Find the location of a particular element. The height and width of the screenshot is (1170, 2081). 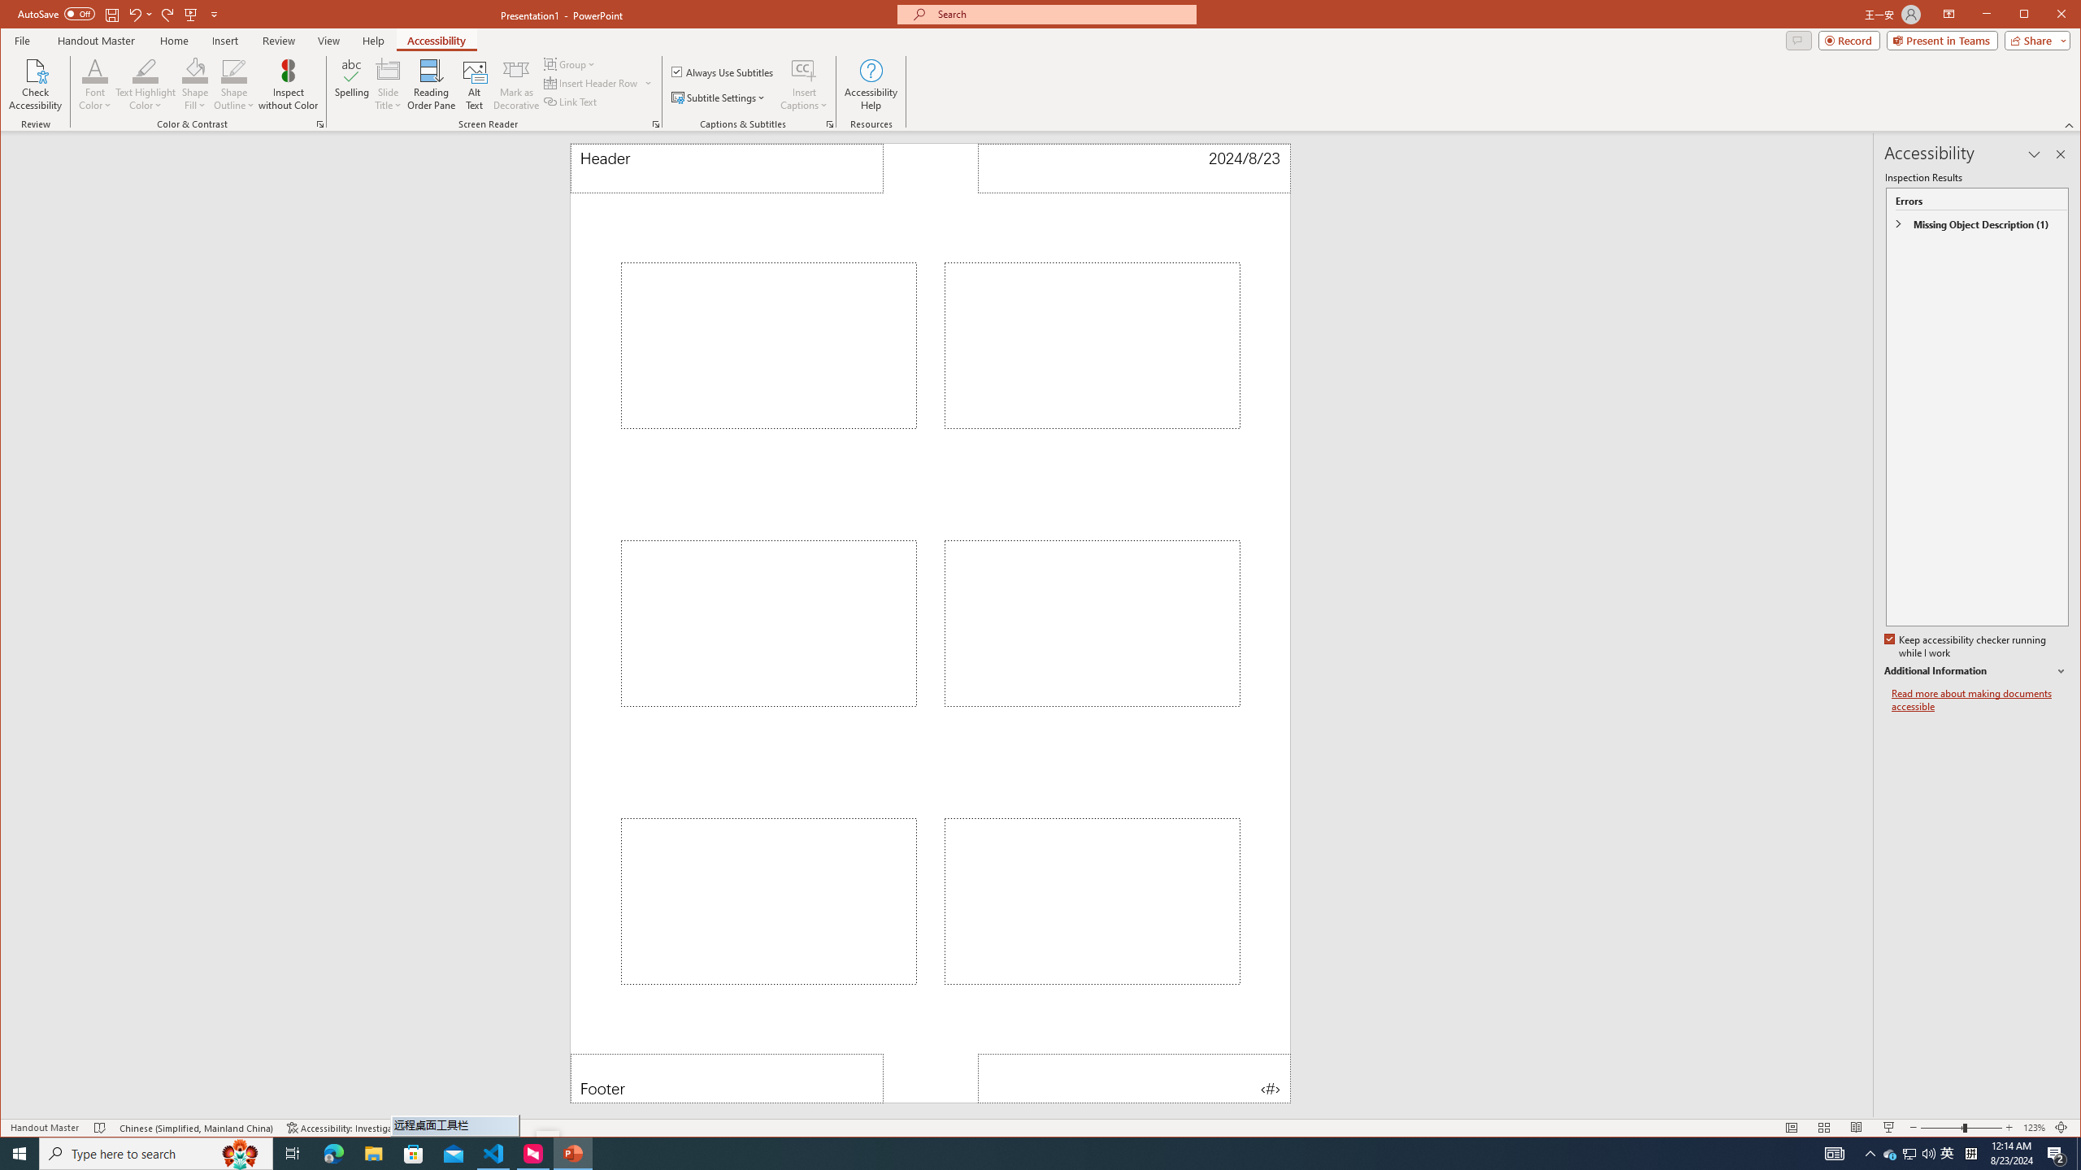

'Type here to search' is located at coordinates (155, 1152).